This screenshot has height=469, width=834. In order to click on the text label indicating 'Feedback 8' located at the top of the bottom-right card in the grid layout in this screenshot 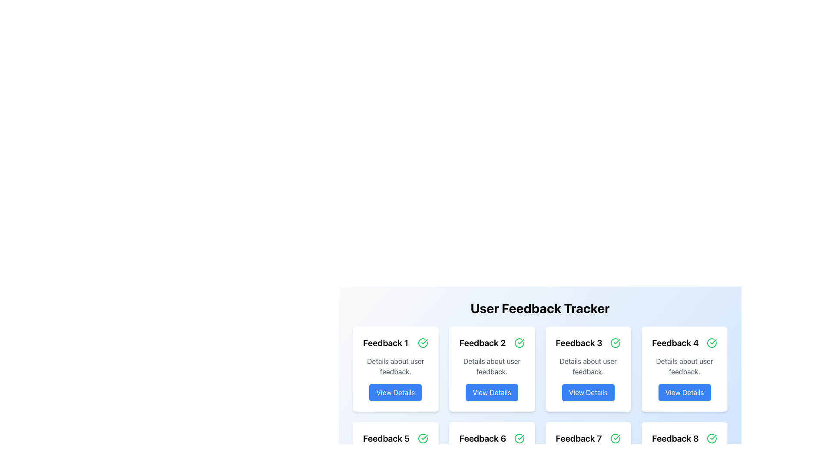, I will do `click(675, 439)`.